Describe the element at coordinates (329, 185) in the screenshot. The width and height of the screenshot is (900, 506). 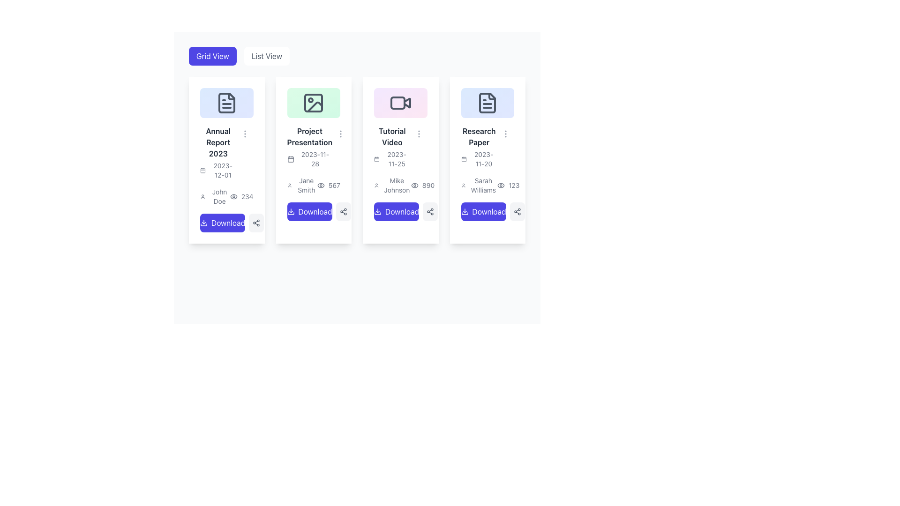
I see `view count displayed in the text label located under the username 'Jane Smith' within the 'Project Presentation' card, specifically in the metadata section to the right of the eye icon` at that location.